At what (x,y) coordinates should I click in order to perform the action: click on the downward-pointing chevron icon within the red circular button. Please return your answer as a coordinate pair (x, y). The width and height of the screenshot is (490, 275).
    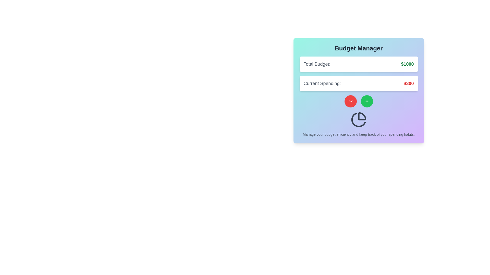
    Looking at the image, I should click on (350, 101).